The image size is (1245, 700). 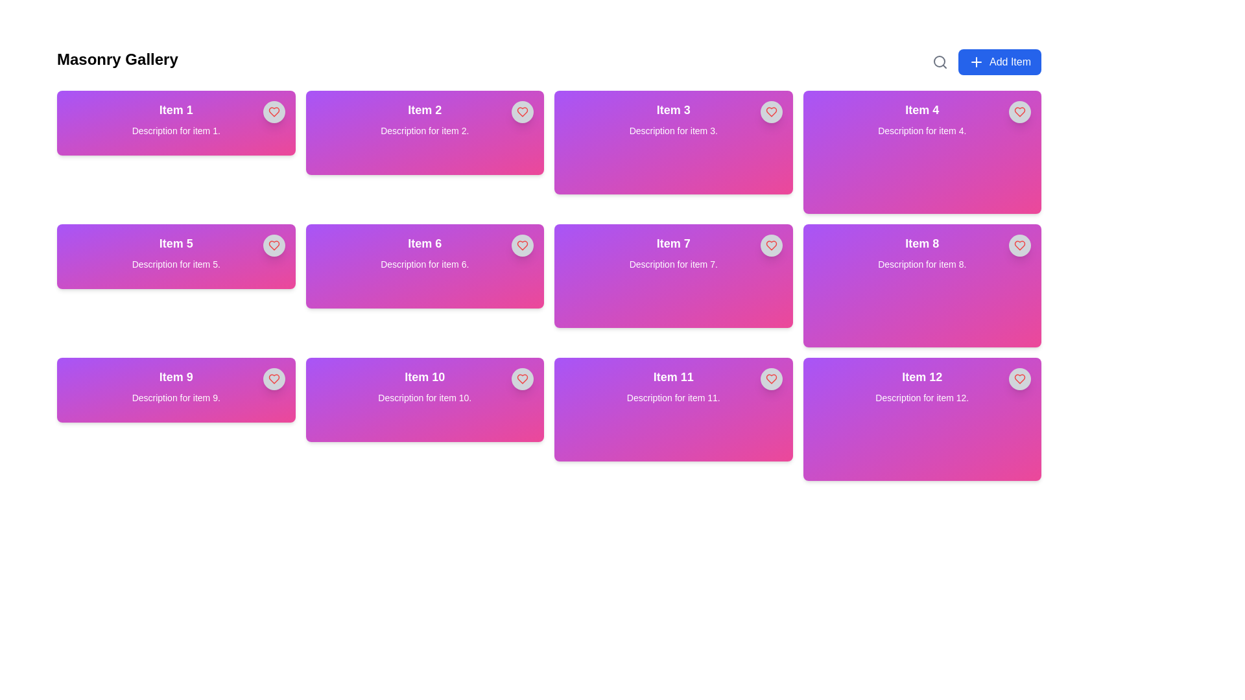 I want to click on the static text providing additional context for 'Item 4' located beneath the title in the fourth card of the masonry grid layout, so click(x=921, y=130).